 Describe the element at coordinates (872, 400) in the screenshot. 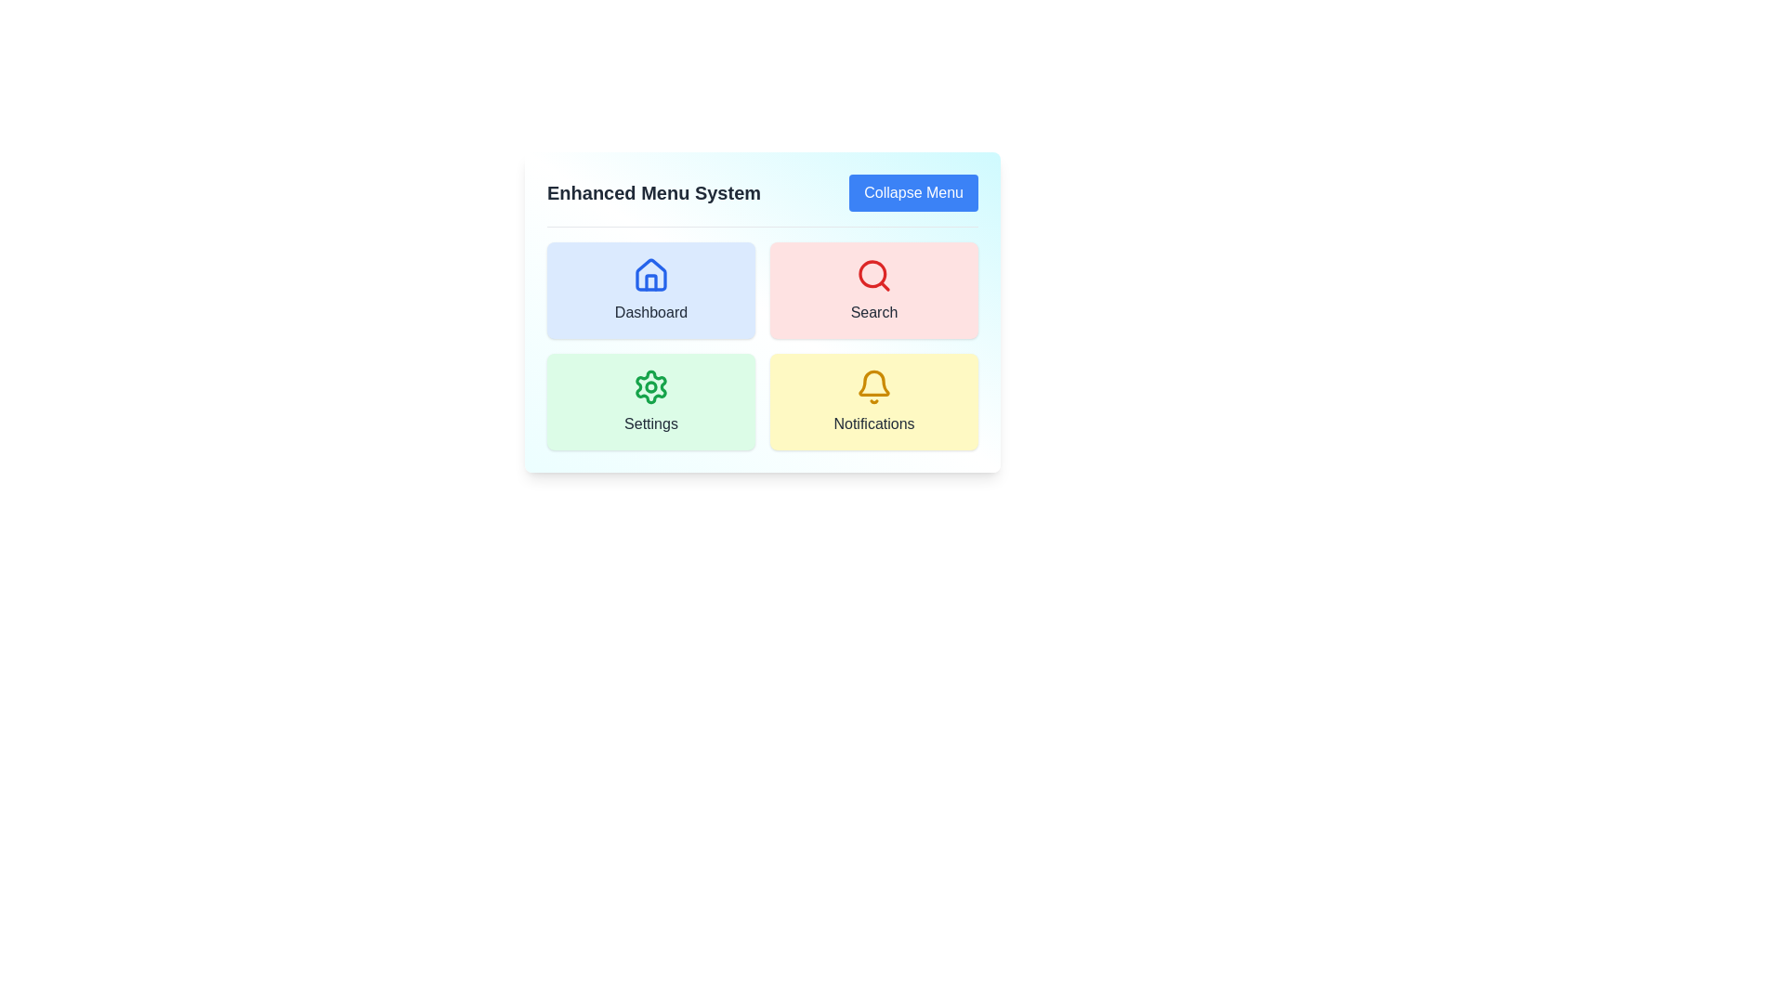

I see `the 'Notifications' card located at the bottom-right corner of the grid layout to observe a highlighted effect` at that location.